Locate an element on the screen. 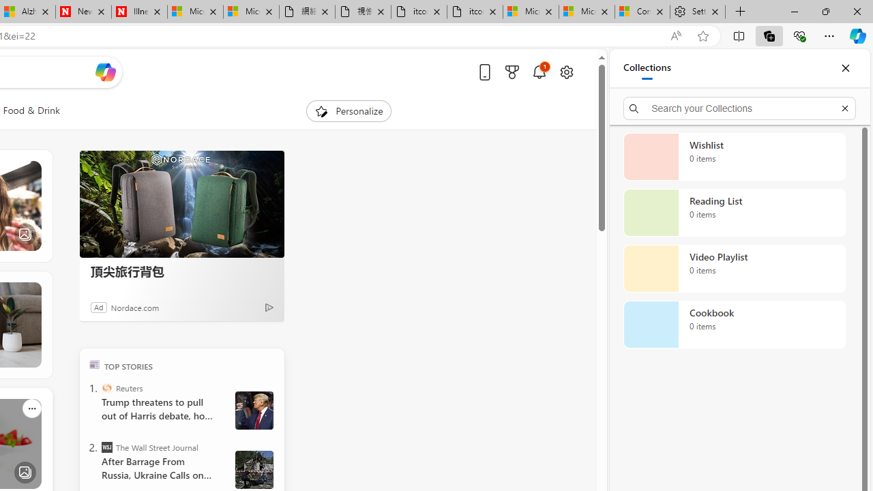  'Reading List collection, 0 items' is located at coordinates (734, 213).